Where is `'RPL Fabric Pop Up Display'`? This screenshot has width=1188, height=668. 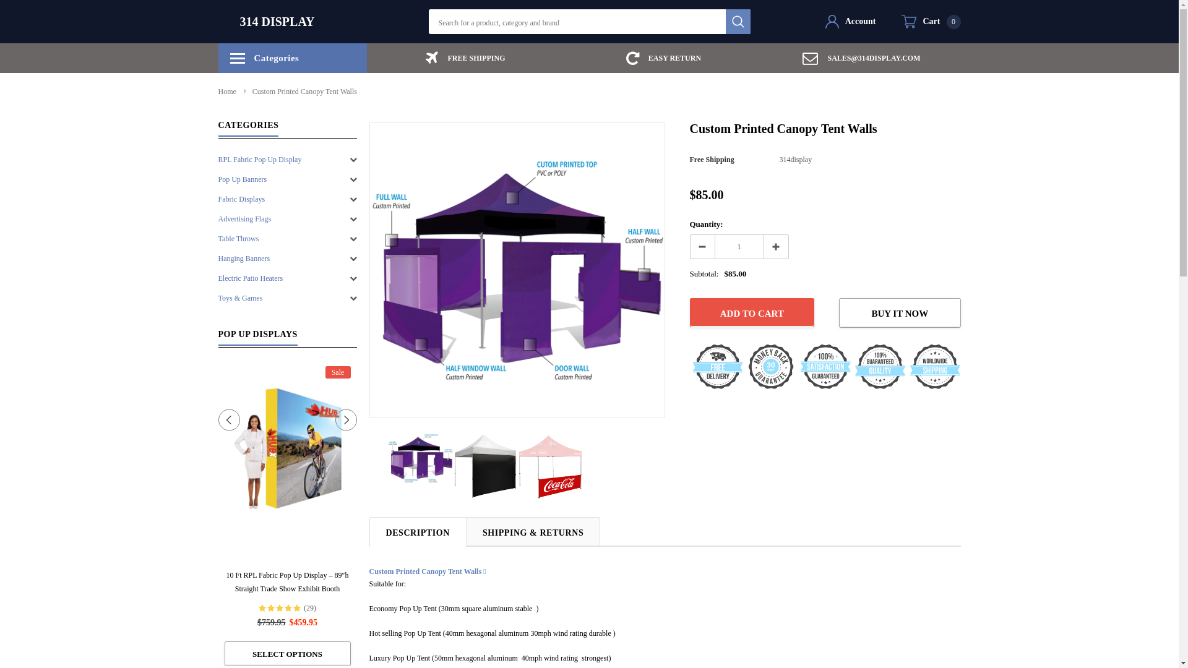 'RPL Fabric Pop Up Display' is located at coordinates (259, 159).